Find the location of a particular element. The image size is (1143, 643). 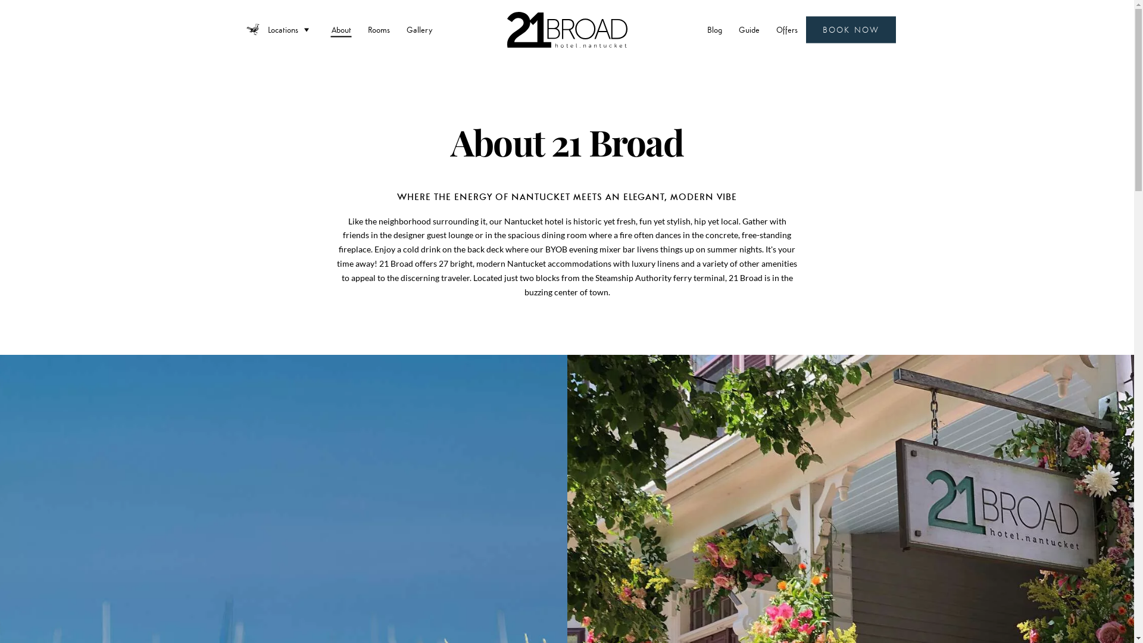

'Guide' is located at coordinates (748, 29).